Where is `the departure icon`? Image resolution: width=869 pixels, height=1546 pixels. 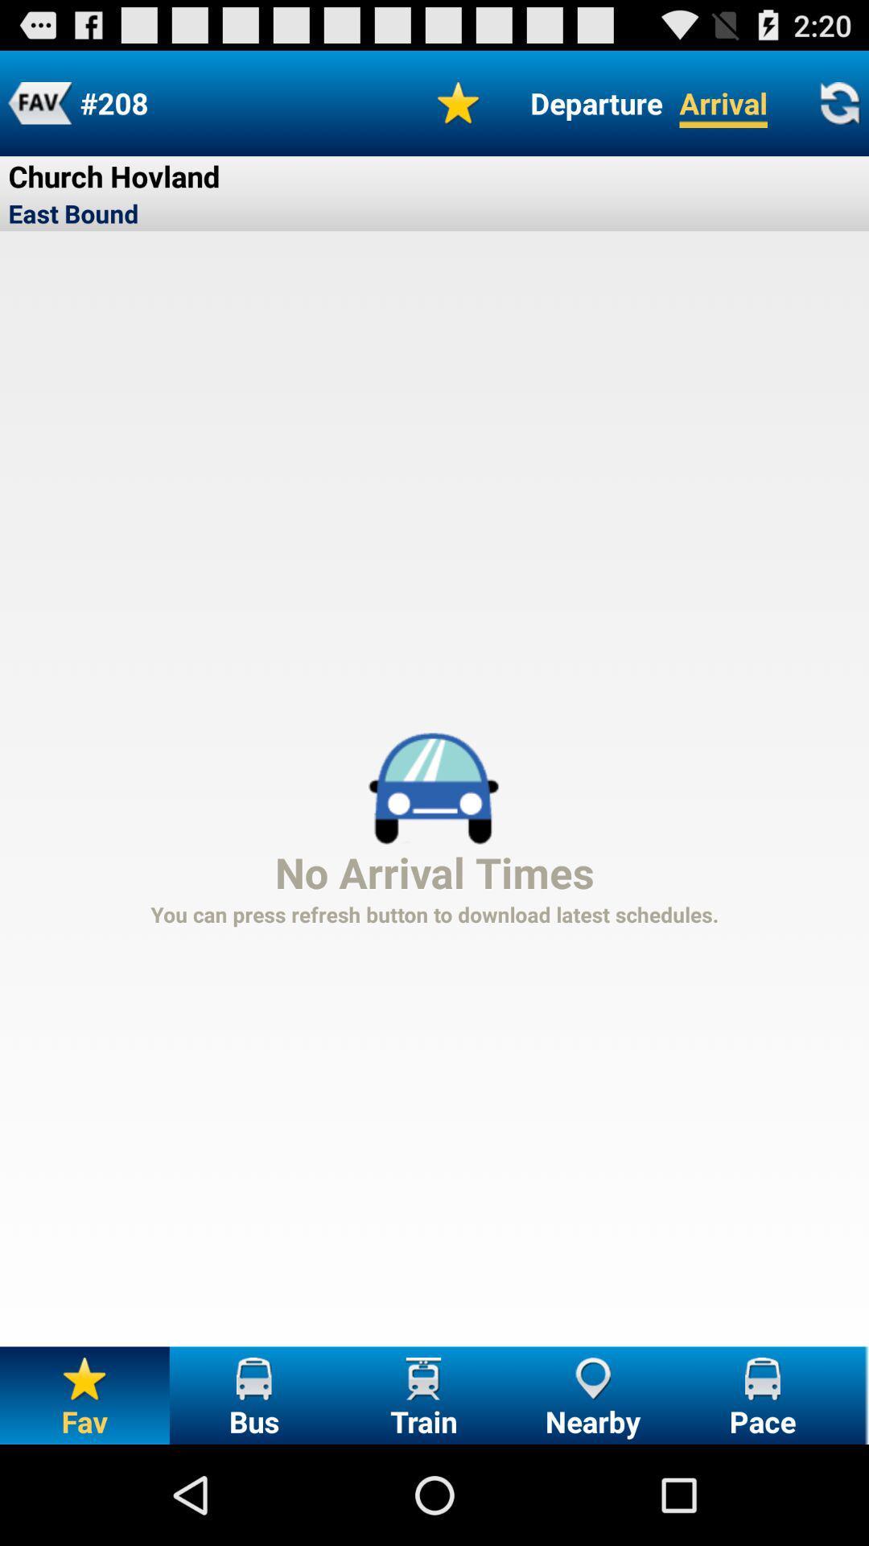 the departure icon is located at coordinates (596, 102).